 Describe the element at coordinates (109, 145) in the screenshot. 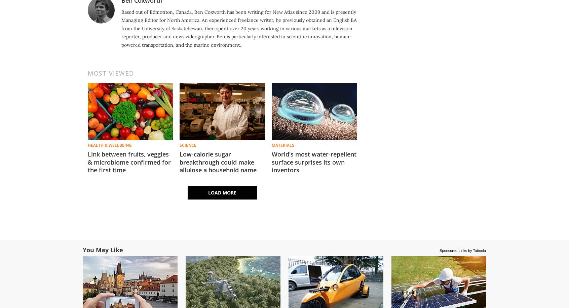

I see `'Health & Wellbeing'` at that location.